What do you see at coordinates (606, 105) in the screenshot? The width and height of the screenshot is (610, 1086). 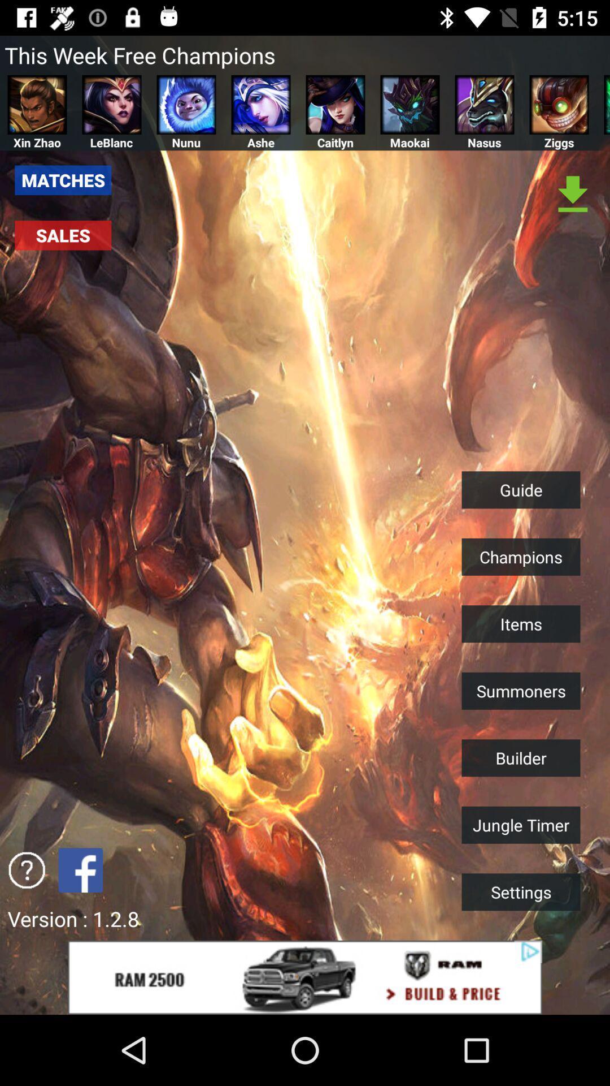 I see `the menu icon` at bounding box center [606, 105].